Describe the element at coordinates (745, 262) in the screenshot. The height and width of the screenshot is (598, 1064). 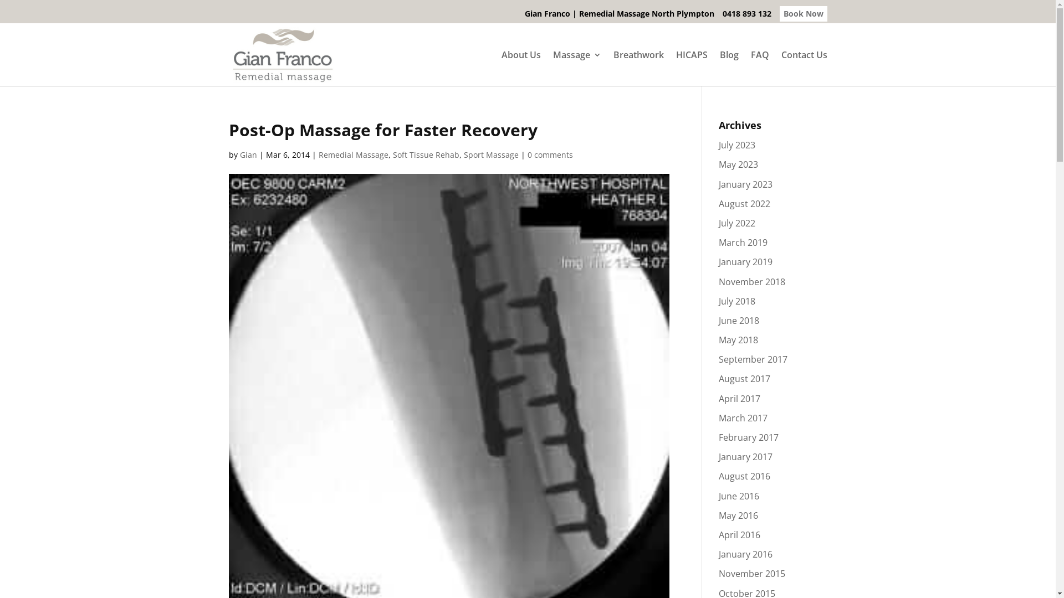
I see `'January 2019'` at that location.